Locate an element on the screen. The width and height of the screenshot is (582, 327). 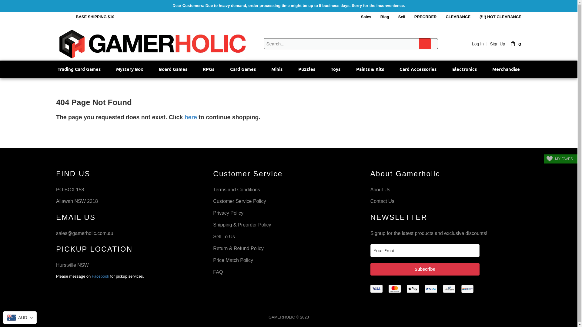
'here' is located at coordinates (190, 117).